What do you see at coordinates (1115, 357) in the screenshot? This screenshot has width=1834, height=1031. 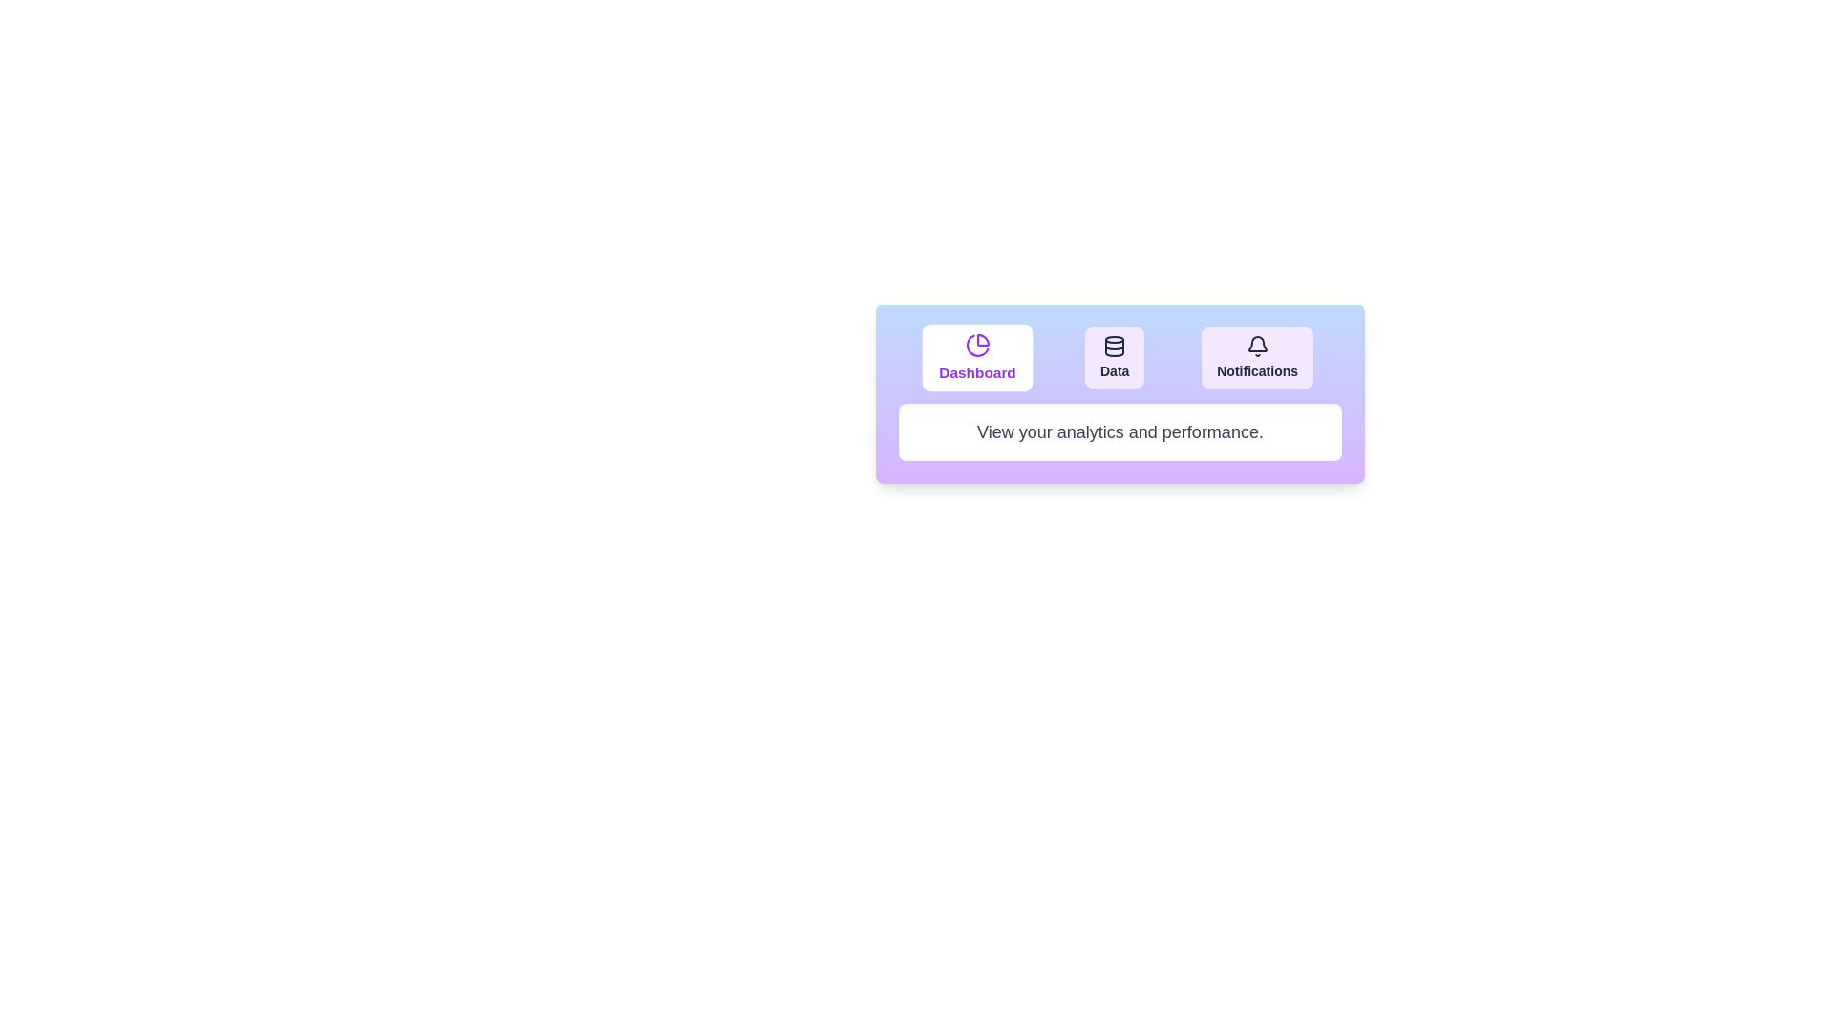 I see `the Data tab by clicking its button` at bounding box center [1115, 357].